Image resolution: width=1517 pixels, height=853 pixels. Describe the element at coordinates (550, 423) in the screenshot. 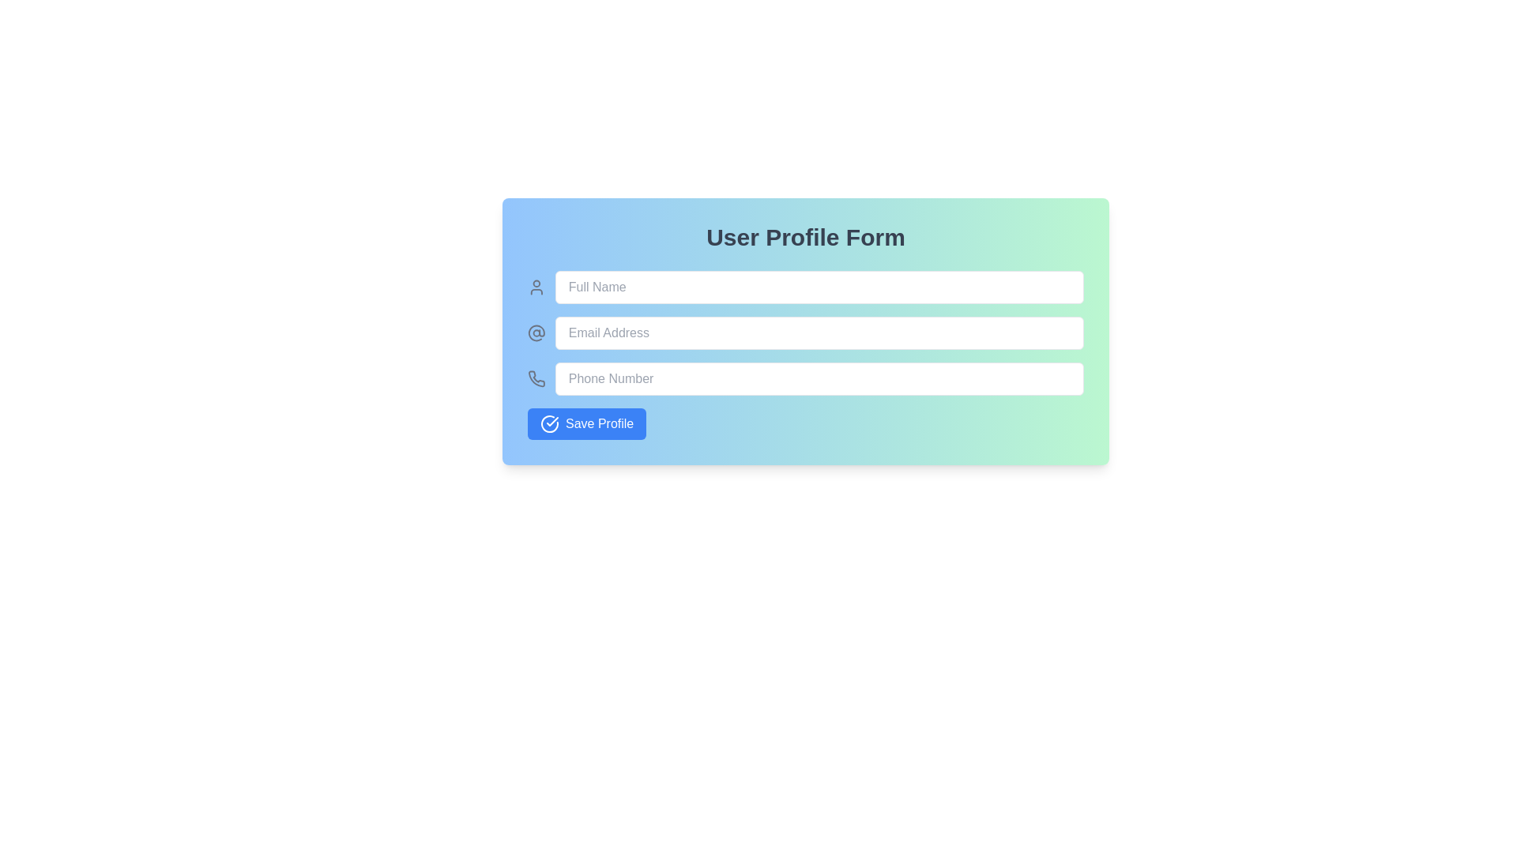

I see `the 'Save Profile' button which contains the Vector icon indicating a successful action` at that location.